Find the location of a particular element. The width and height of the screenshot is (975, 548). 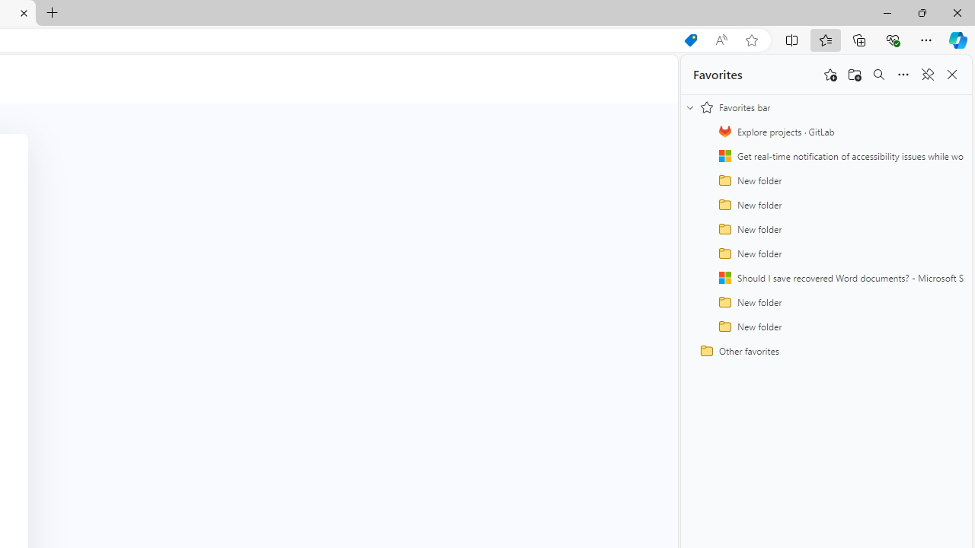

'Search favorites' is located at coordinates (878, 75).